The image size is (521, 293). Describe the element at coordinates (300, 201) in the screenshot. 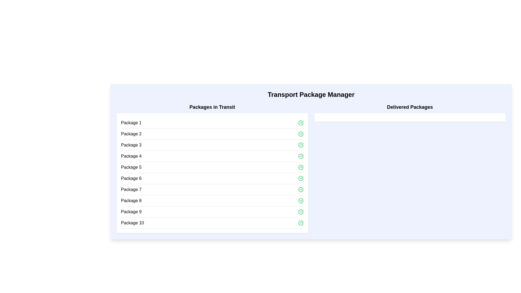

I see `the circular icon element representing a partial circle or arc associated with 'Package 8' from the 'Packages in Transit' group` at that location.